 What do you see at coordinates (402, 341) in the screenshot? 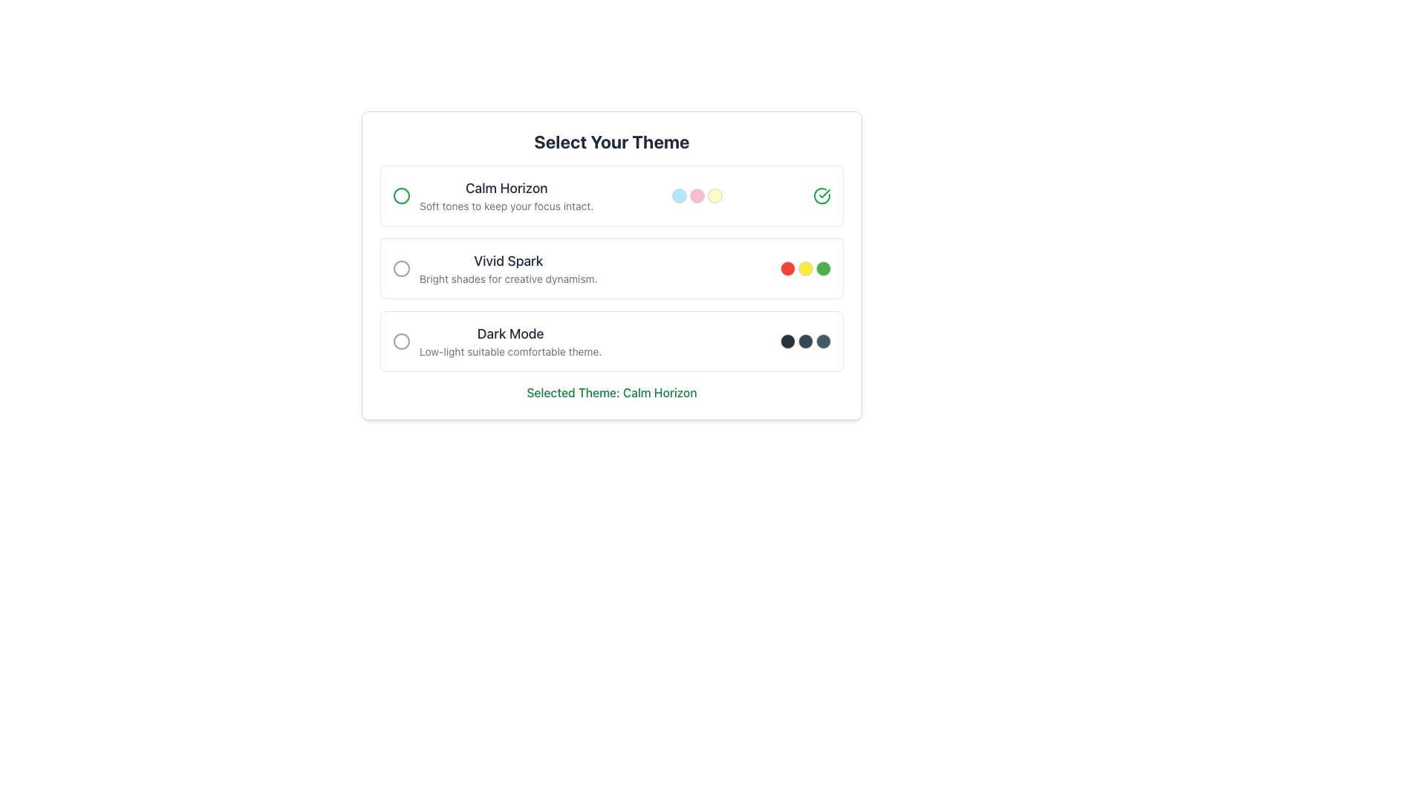
I see `the Circle icon, which is a circular outline indicating a selection or radio option, located to the left of the 'Dark Mode' theme description` at bounding box center [402, 341].